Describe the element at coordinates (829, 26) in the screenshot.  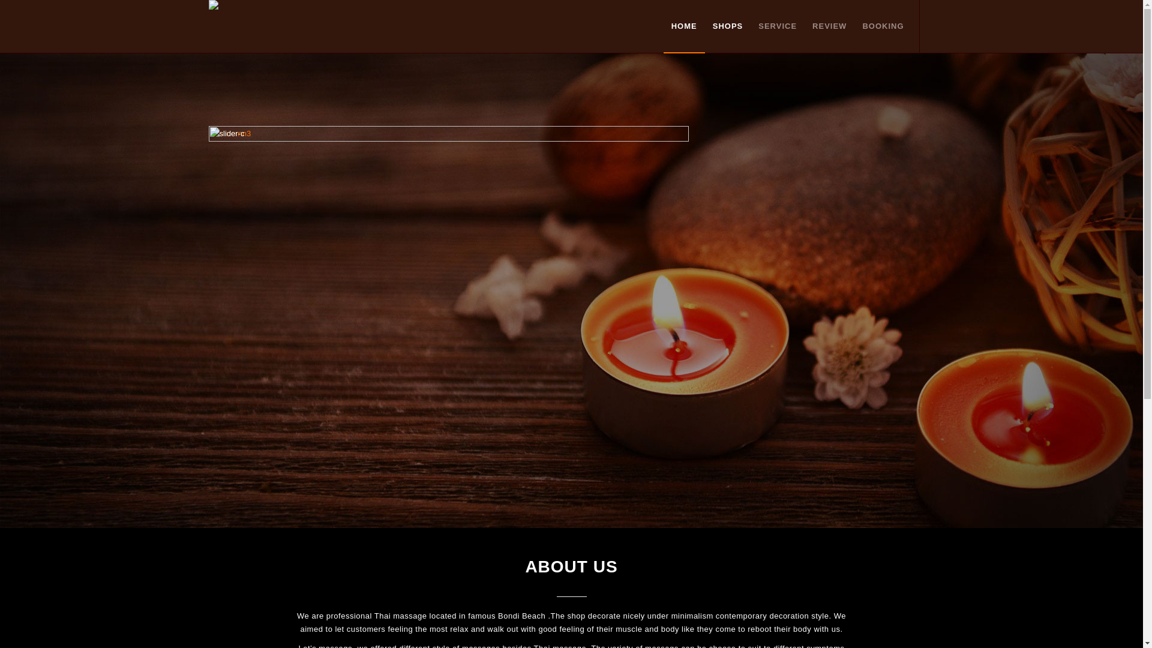
I see `'REVIEW'` at that location.